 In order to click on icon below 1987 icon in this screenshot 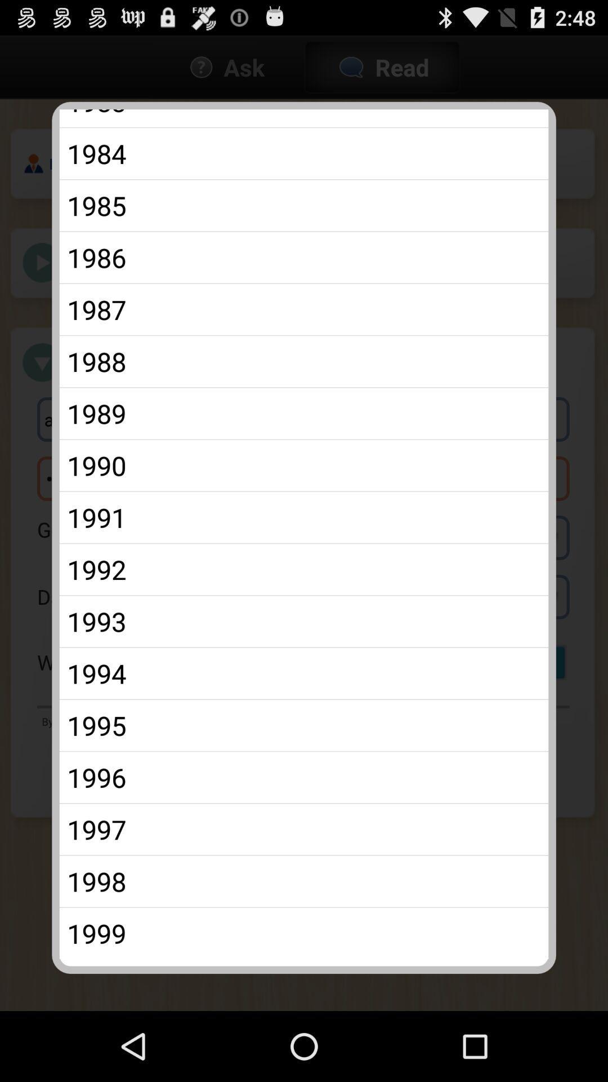, I will do `click(304, 361)`.